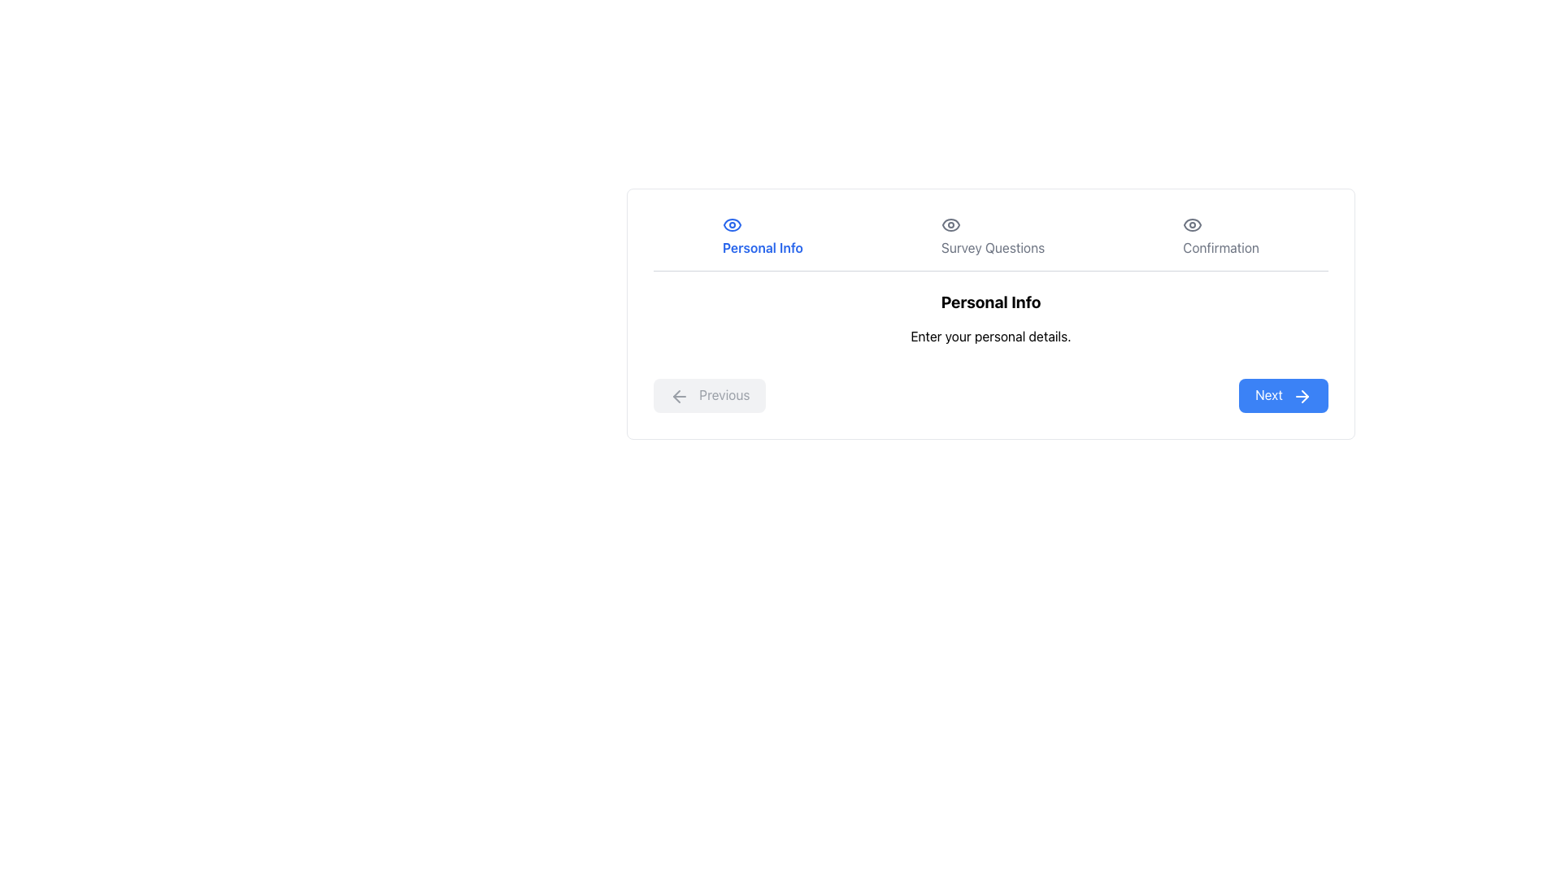 Image resolution: width=1561 pixels, height=878 pixels. Describe the element at coordinates (676, 396) in the screenshot. I see `the left arrow icon inside the 'Previous' button, which is positioned at the bottom-left corner of the layout` at that location.